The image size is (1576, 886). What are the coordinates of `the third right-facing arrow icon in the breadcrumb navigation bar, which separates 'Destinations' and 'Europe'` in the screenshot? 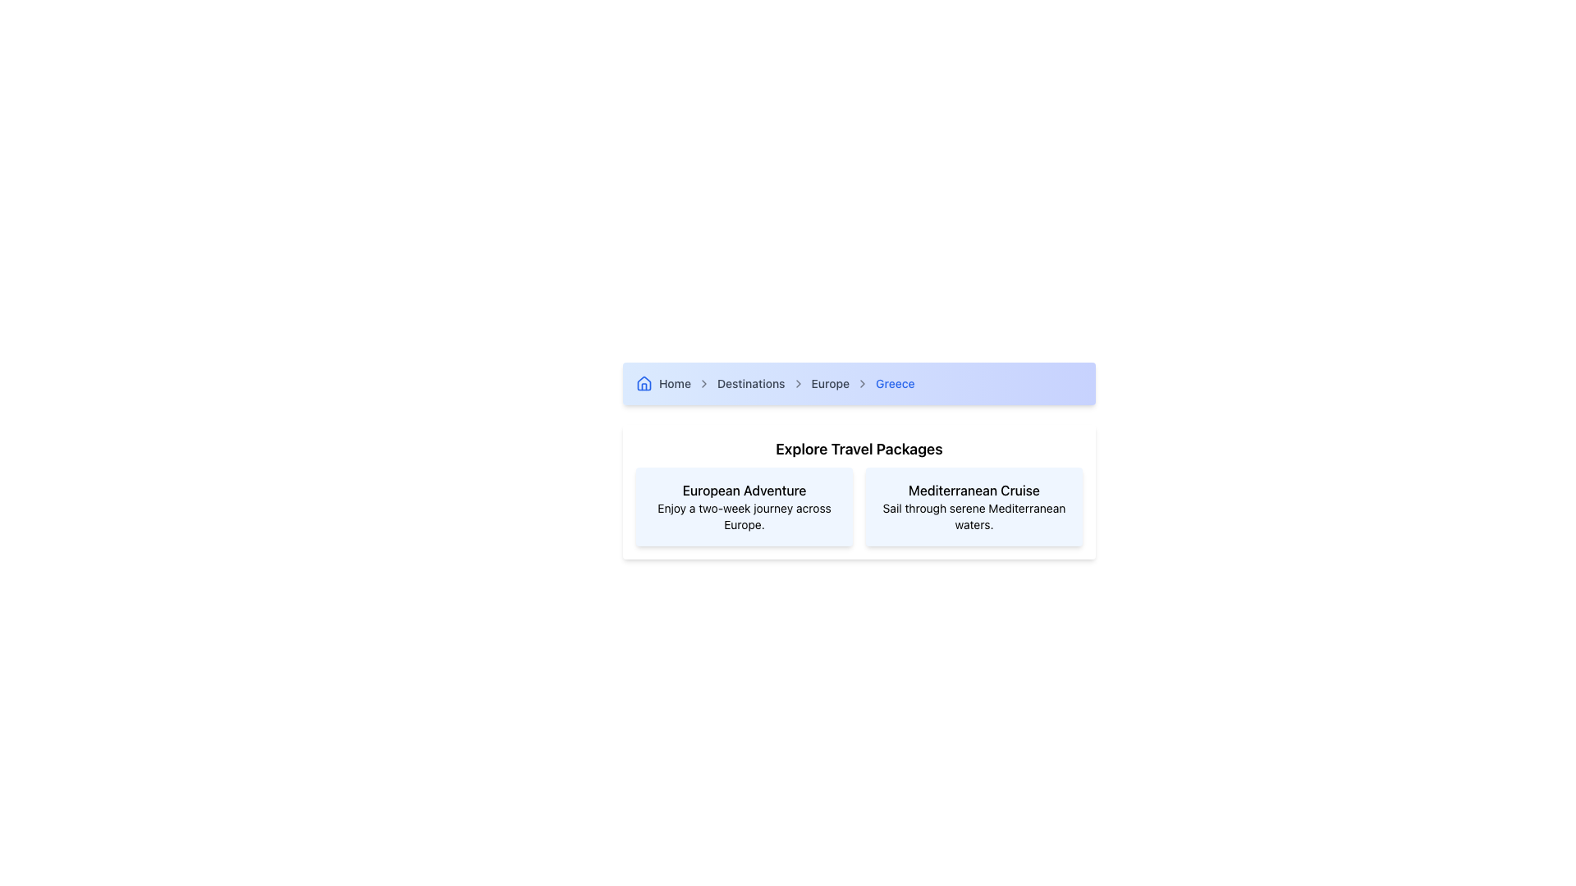 It's located at (798, 383).